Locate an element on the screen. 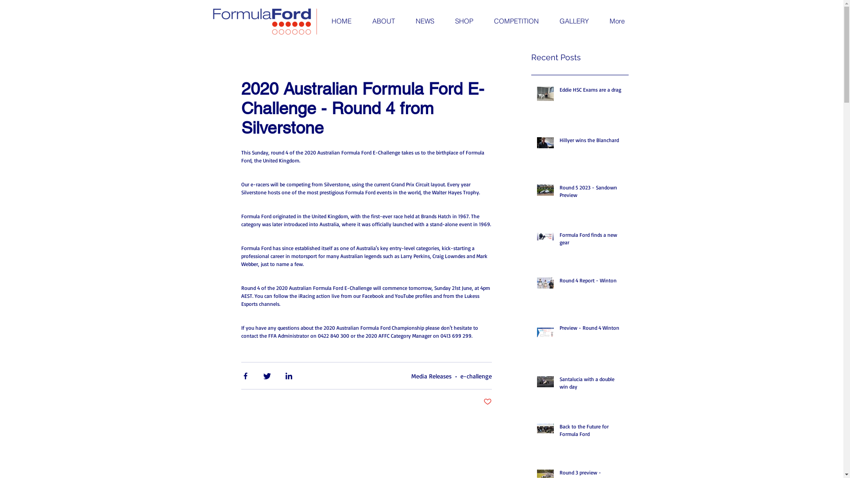  'Eddie HSC Exams are a drag' is located at coordinates (591, 92).